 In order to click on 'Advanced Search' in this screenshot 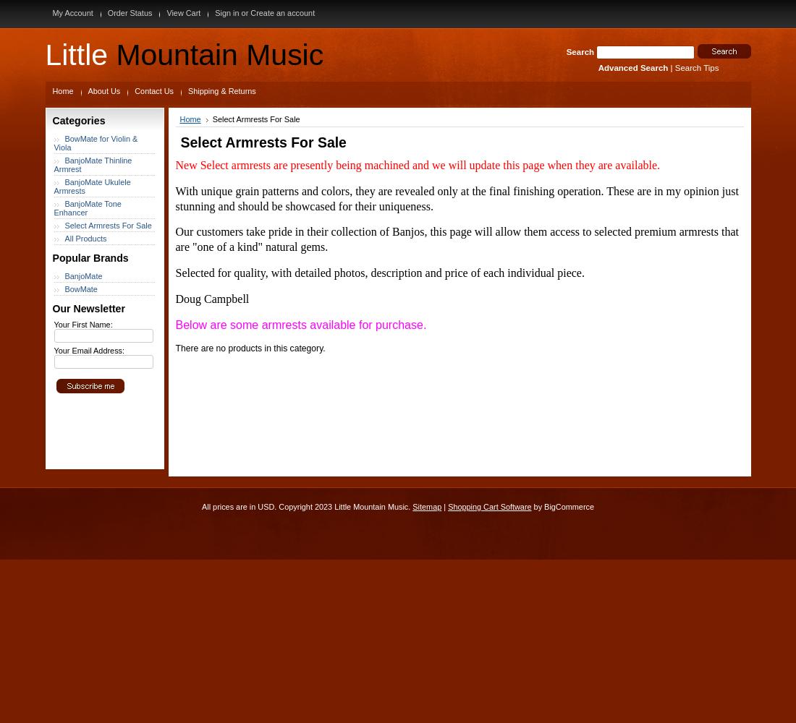, I will do `click(632, 67)`.